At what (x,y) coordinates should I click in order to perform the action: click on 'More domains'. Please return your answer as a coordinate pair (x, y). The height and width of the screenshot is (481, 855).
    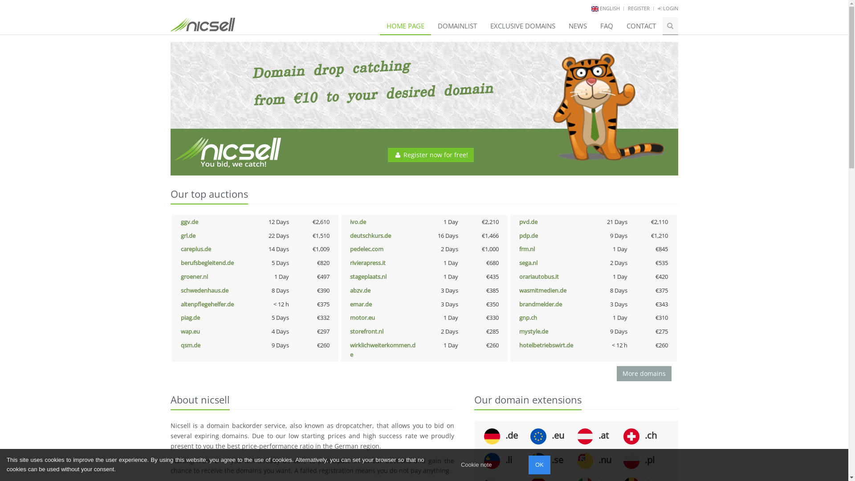
    Looking at the image, I should click on (643, 374).